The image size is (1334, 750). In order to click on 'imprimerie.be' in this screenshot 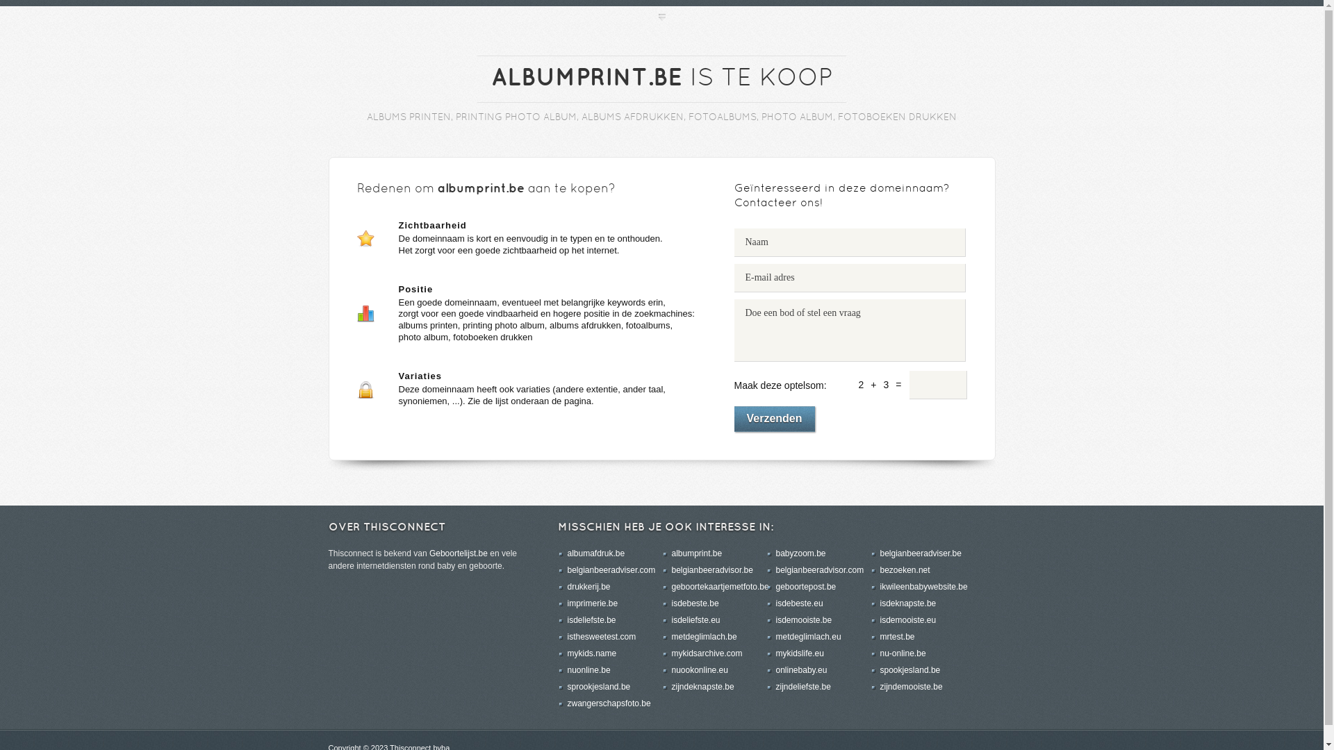, I will do `click(592, 602)`.